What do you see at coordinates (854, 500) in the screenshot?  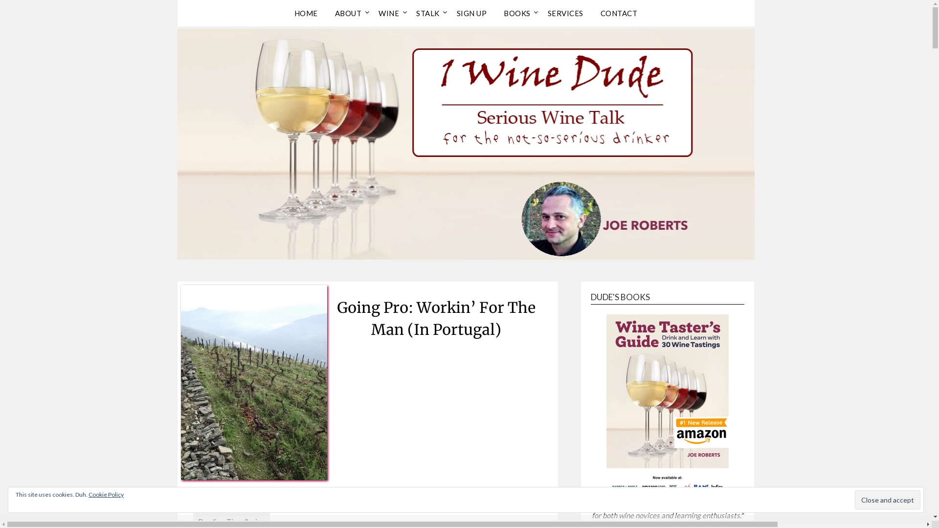 I see `'Close and accept'` at bounding box center [854, 500].